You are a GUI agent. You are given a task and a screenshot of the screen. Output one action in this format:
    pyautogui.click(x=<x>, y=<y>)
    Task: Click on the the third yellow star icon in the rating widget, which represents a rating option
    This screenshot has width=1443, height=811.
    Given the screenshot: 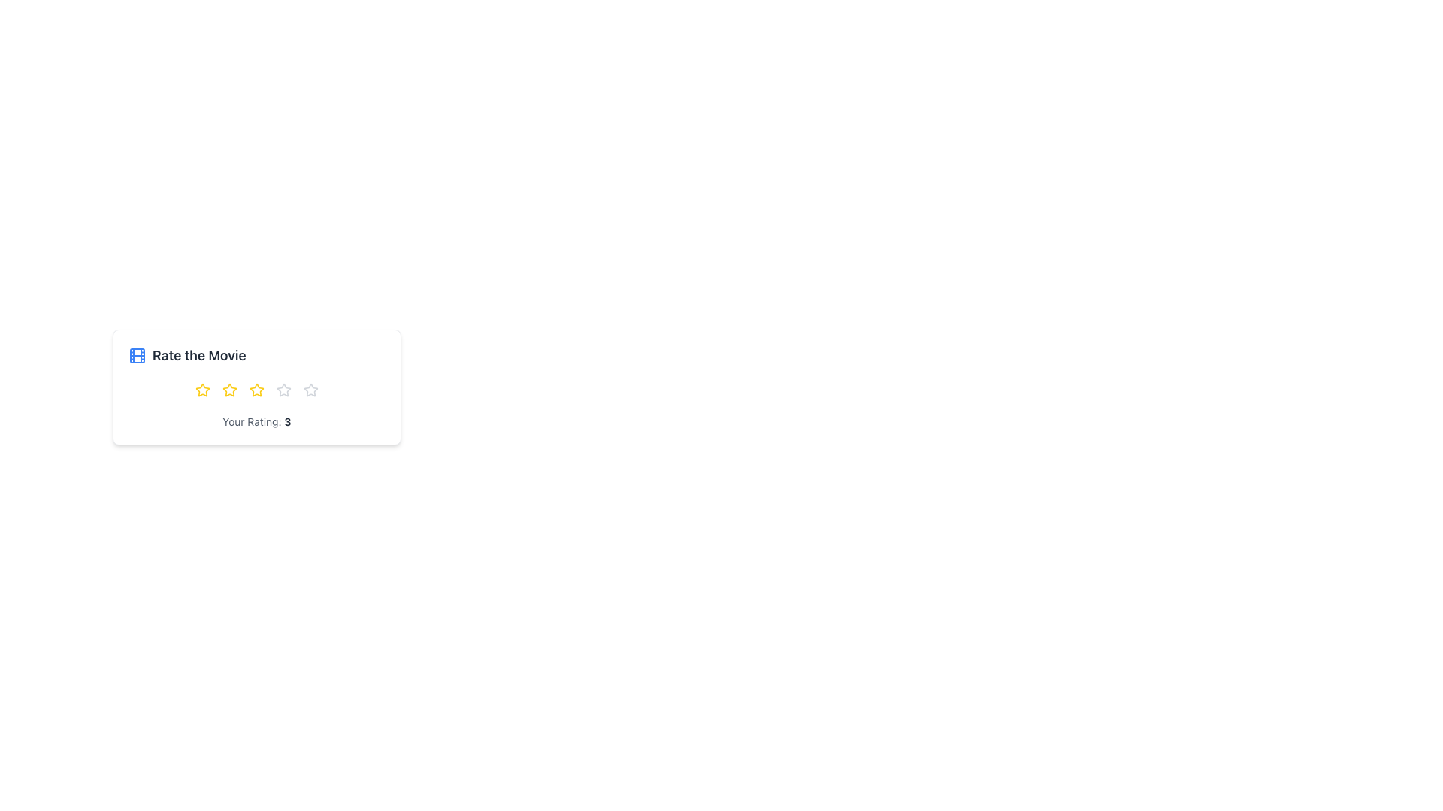 What is the action you would take?
    pyautogui.click(x=256, y=390)
    